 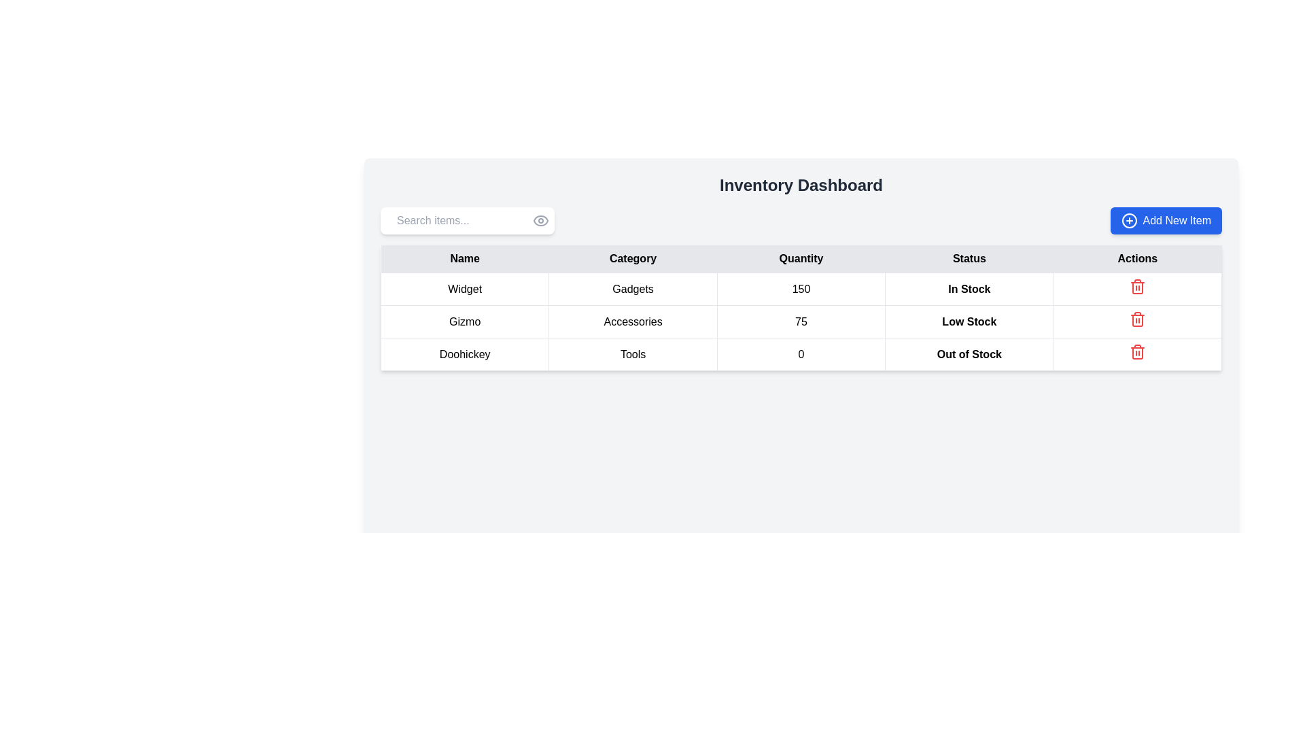 I want to click on the Text Label representing the product category for the 'Gizmo' item in the inventory table, located in the second row, second column, between the 'Gizmo' label and the numeric value '75', so click(x=632, y=321).